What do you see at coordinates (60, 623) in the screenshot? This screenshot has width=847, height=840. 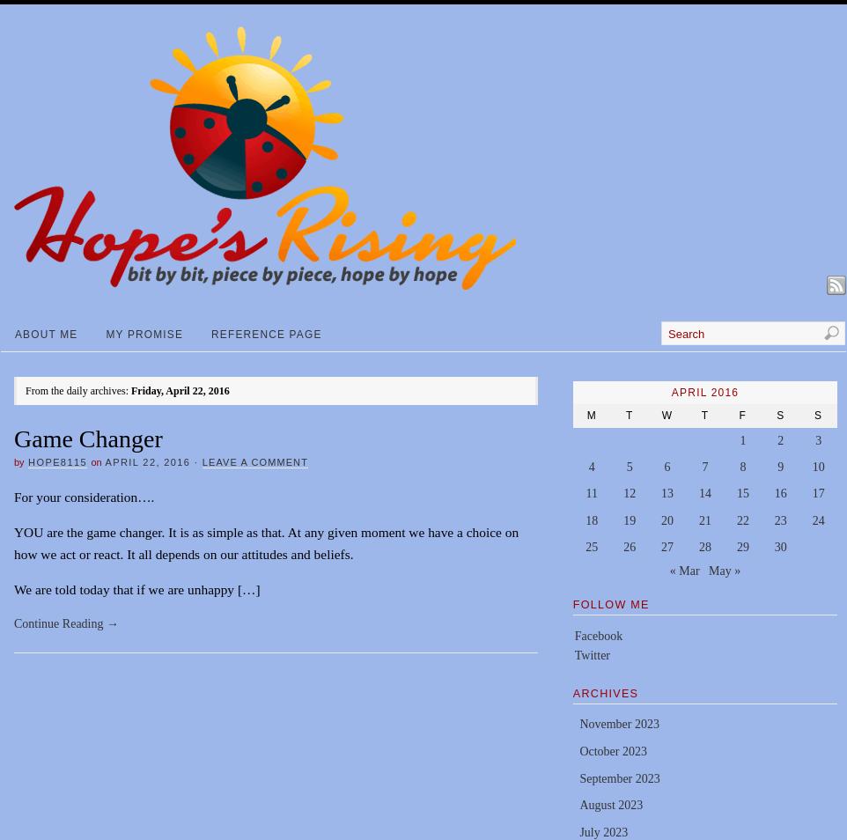 I see `'Continue Reading'` at bounding box center [60, 623].